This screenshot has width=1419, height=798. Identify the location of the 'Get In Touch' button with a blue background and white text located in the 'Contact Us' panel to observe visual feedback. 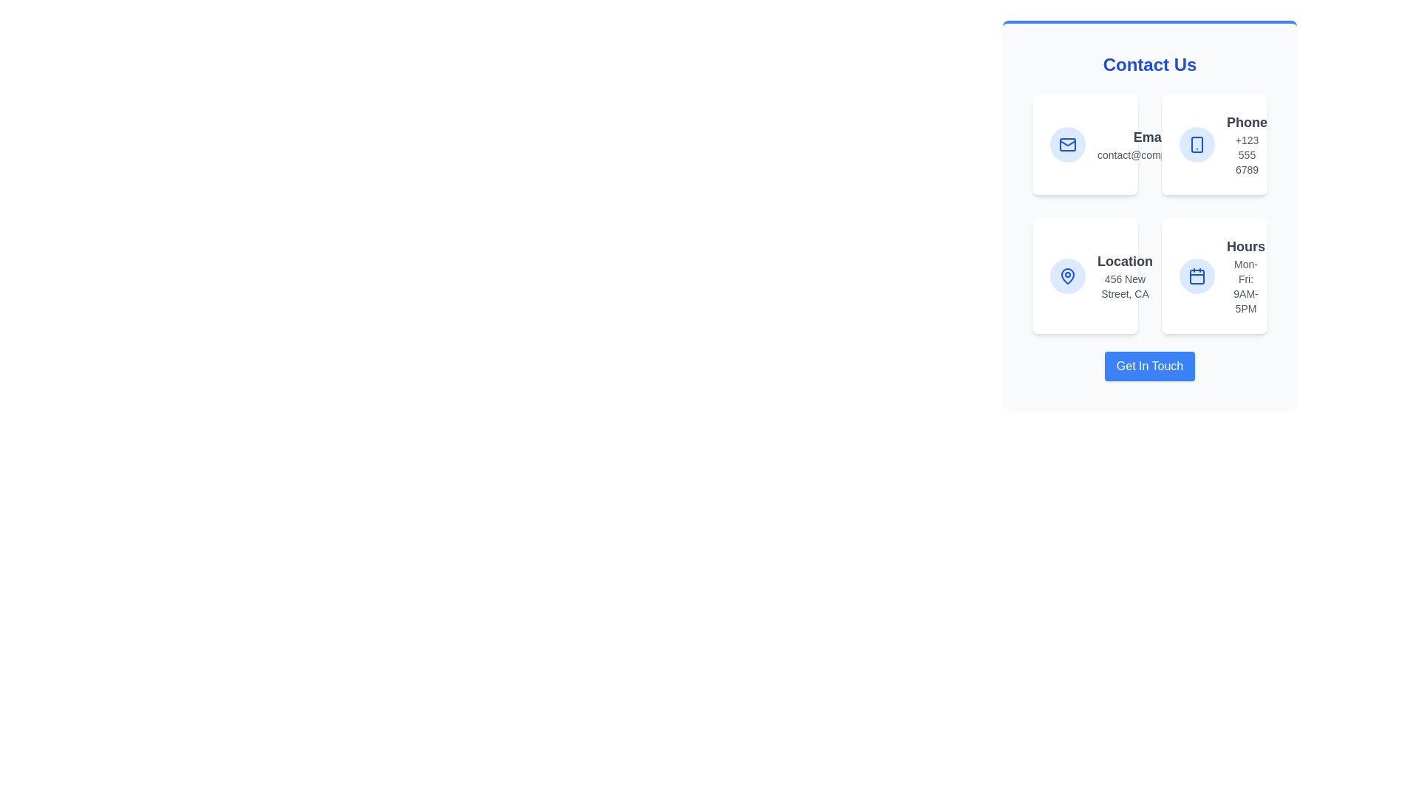
(1149, 366).